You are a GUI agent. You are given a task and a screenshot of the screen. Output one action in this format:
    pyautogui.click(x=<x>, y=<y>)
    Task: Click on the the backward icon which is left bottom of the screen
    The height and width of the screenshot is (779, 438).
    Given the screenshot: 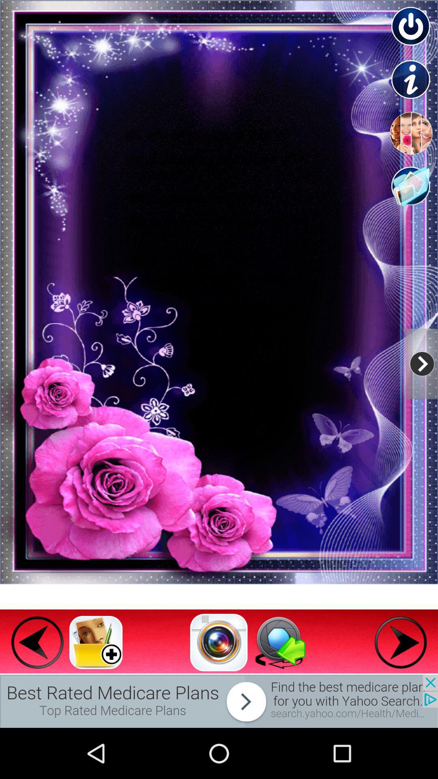 What is the action you would take?
    pyautogui.click(x=37, y=642)
    